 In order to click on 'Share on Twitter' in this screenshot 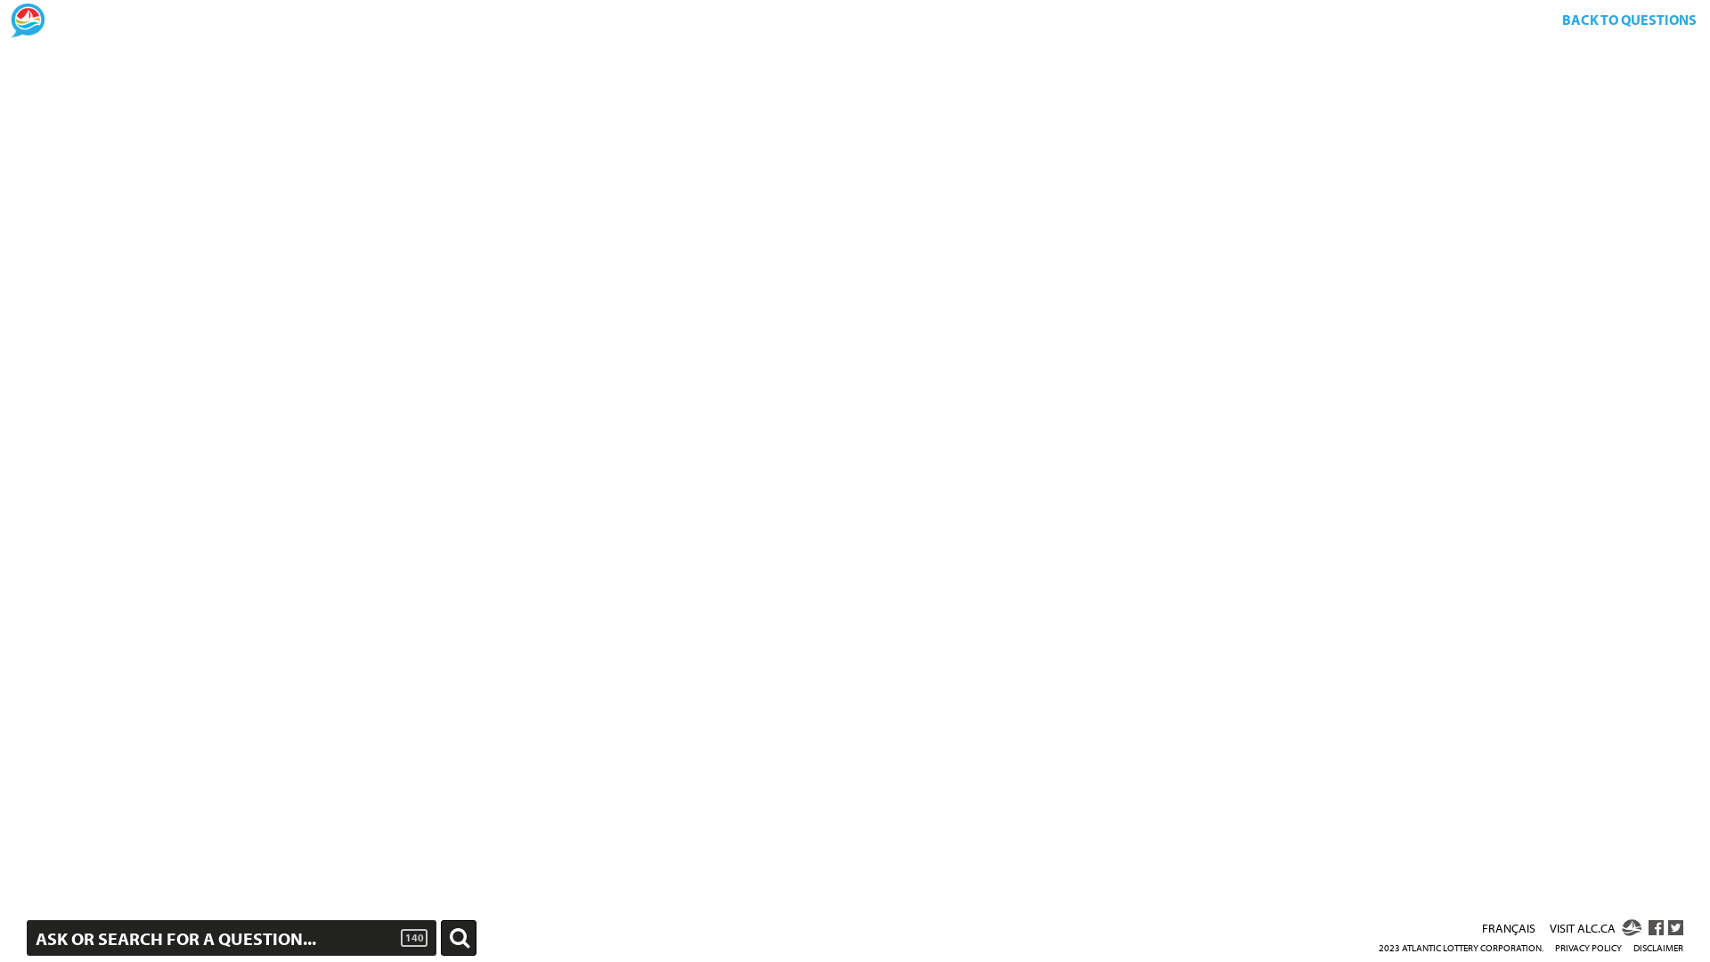, I will do `click(1674, 926)`.